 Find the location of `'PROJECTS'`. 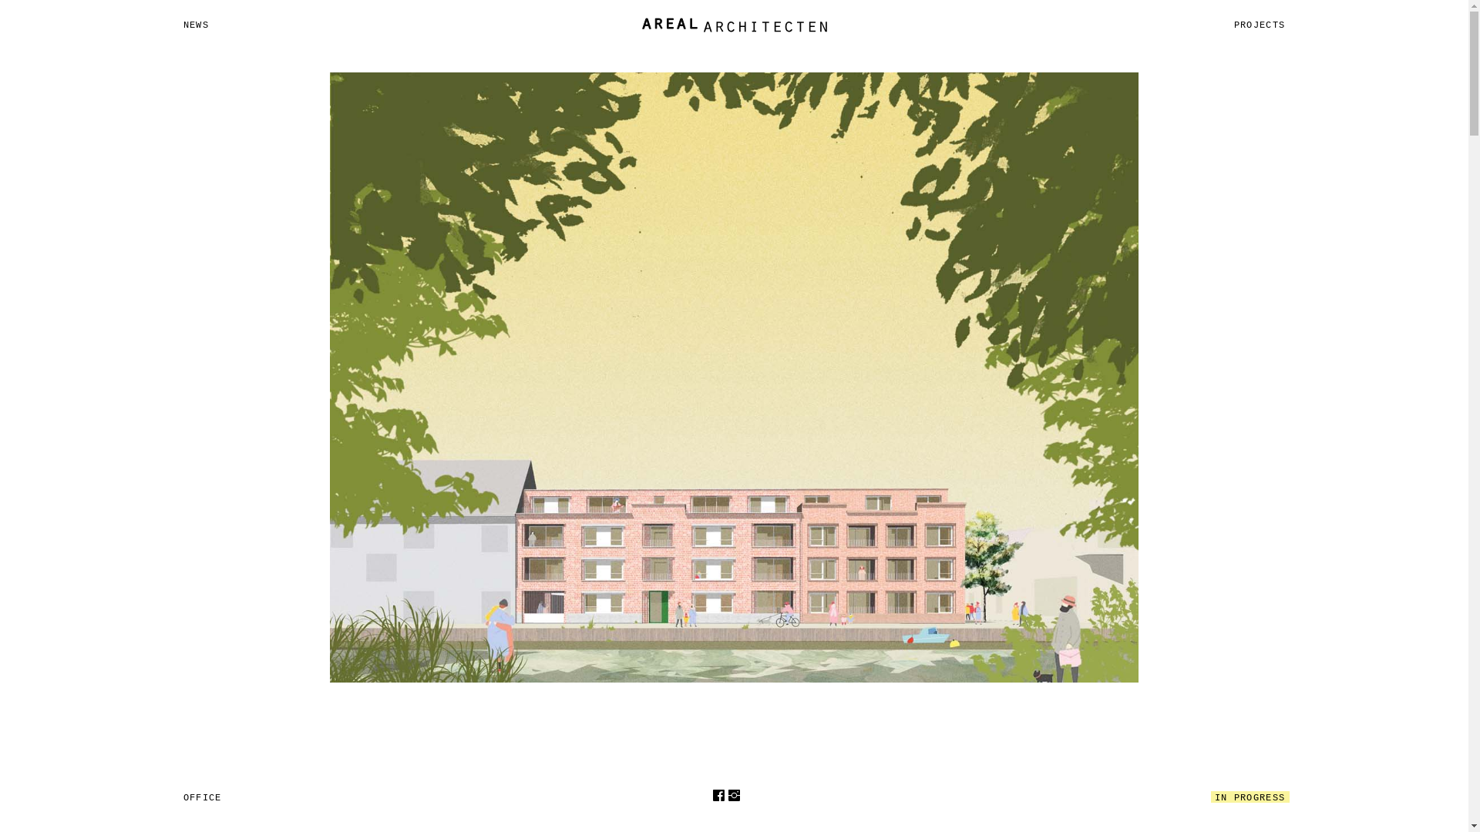

'PROJECTS' is located at coordinates (1260, 25).